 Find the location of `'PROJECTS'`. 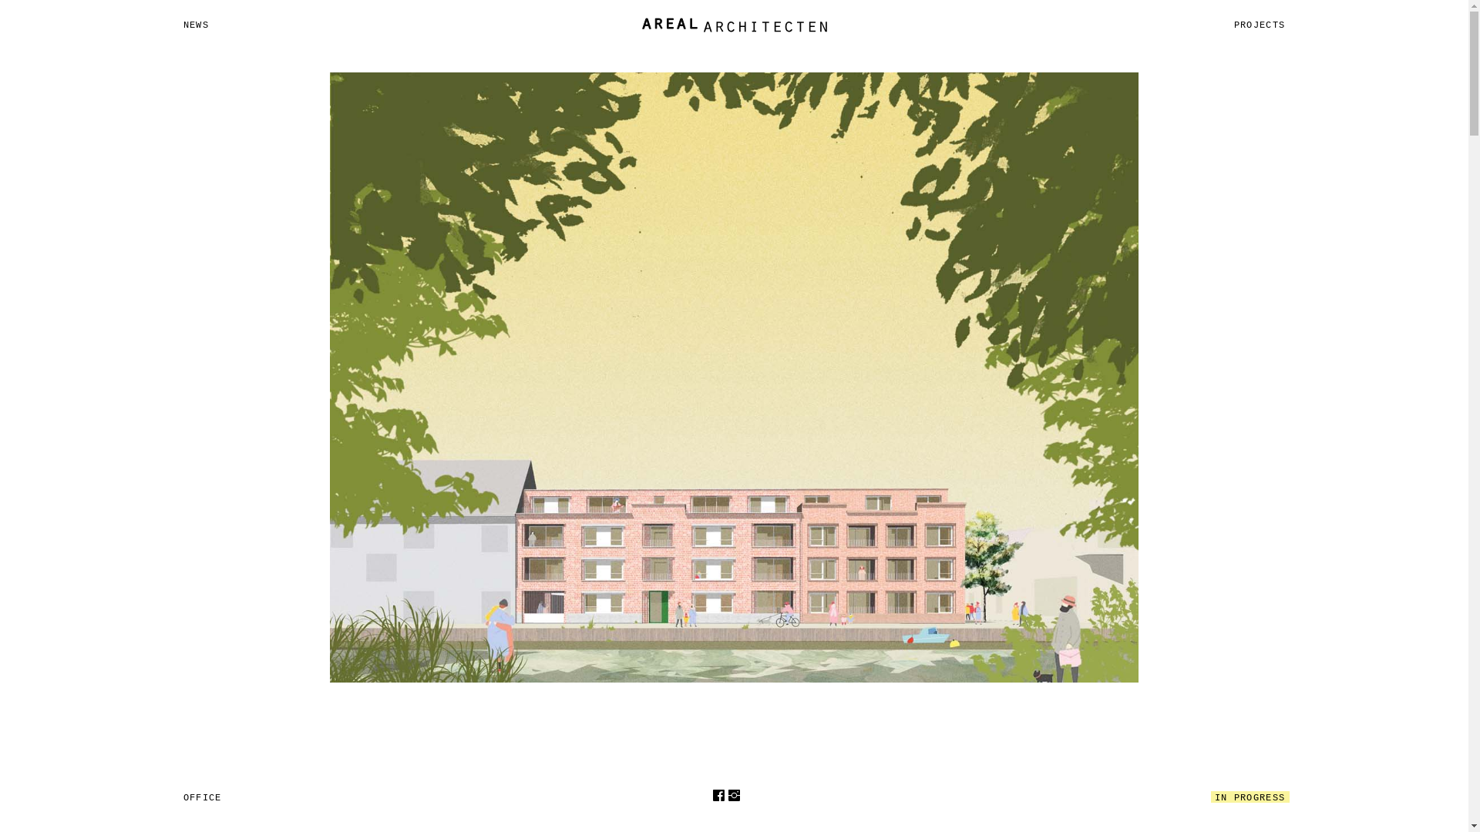

'PROJECTS' is located at coordinates (1260, 25).